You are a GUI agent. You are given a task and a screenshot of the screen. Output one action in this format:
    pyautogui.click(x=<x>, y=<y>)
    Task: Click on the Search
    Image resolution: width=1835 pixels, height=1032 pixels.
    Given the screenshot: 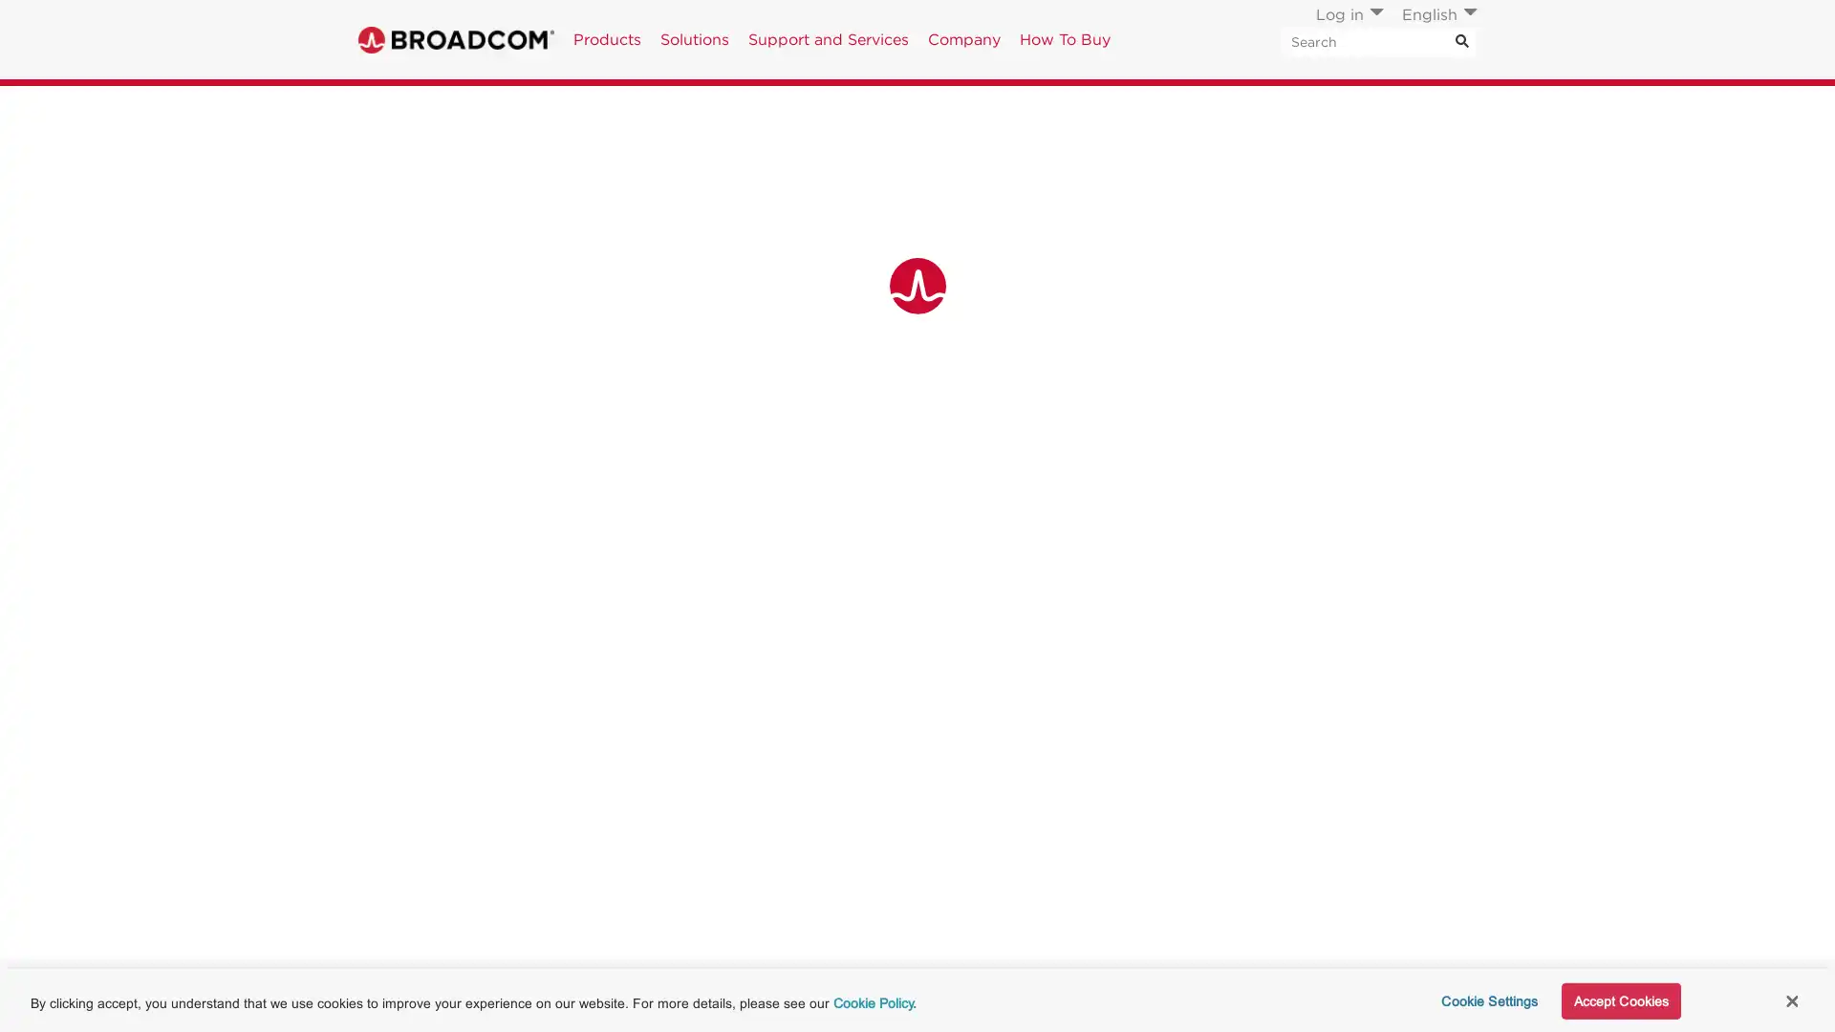 What is the action you would take?
    pyautogui.click(x=1461, y=41)
    